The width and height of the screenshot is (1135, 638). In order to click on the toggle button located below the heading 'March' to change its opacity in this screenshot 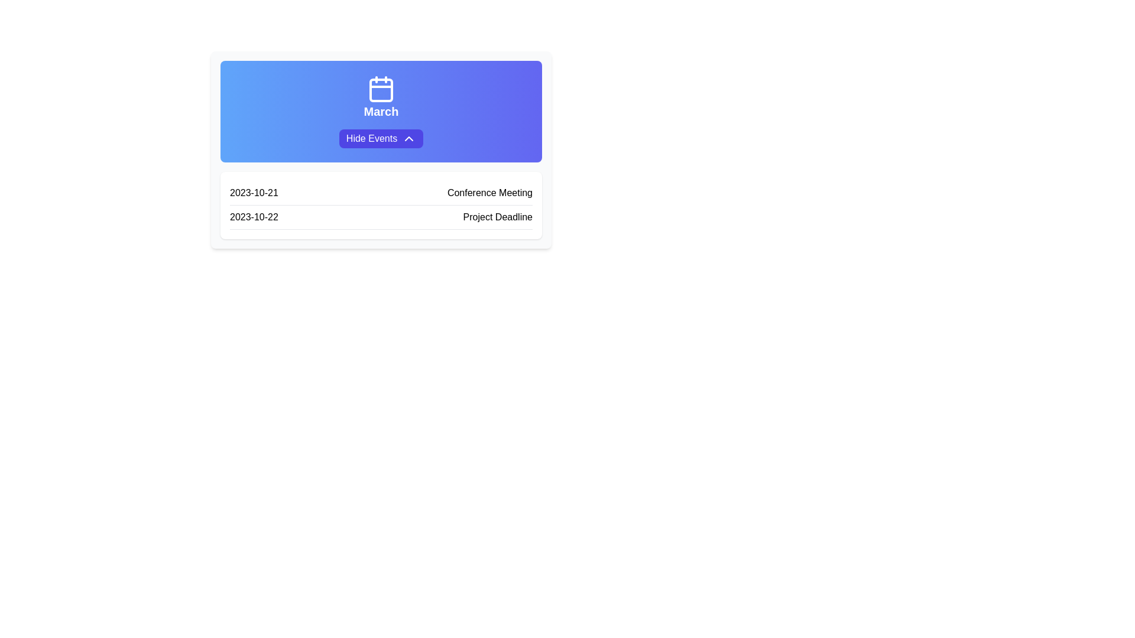, I will do `click(381, 138)`.